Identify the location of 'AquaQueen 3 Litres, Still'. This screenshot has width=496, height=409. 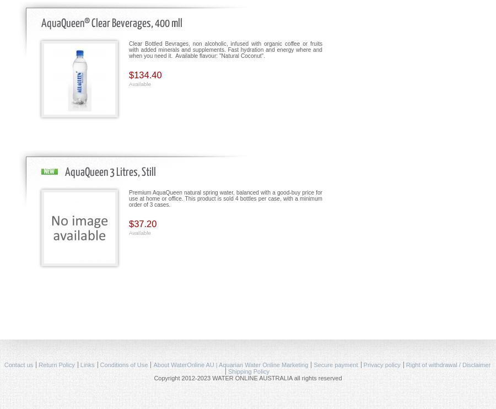
(110, 172).